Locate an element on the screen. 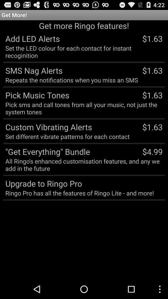 The height and width of the screenshot is (299, 168). icon above the set different vibrate item is located at coordinates (47, 126).